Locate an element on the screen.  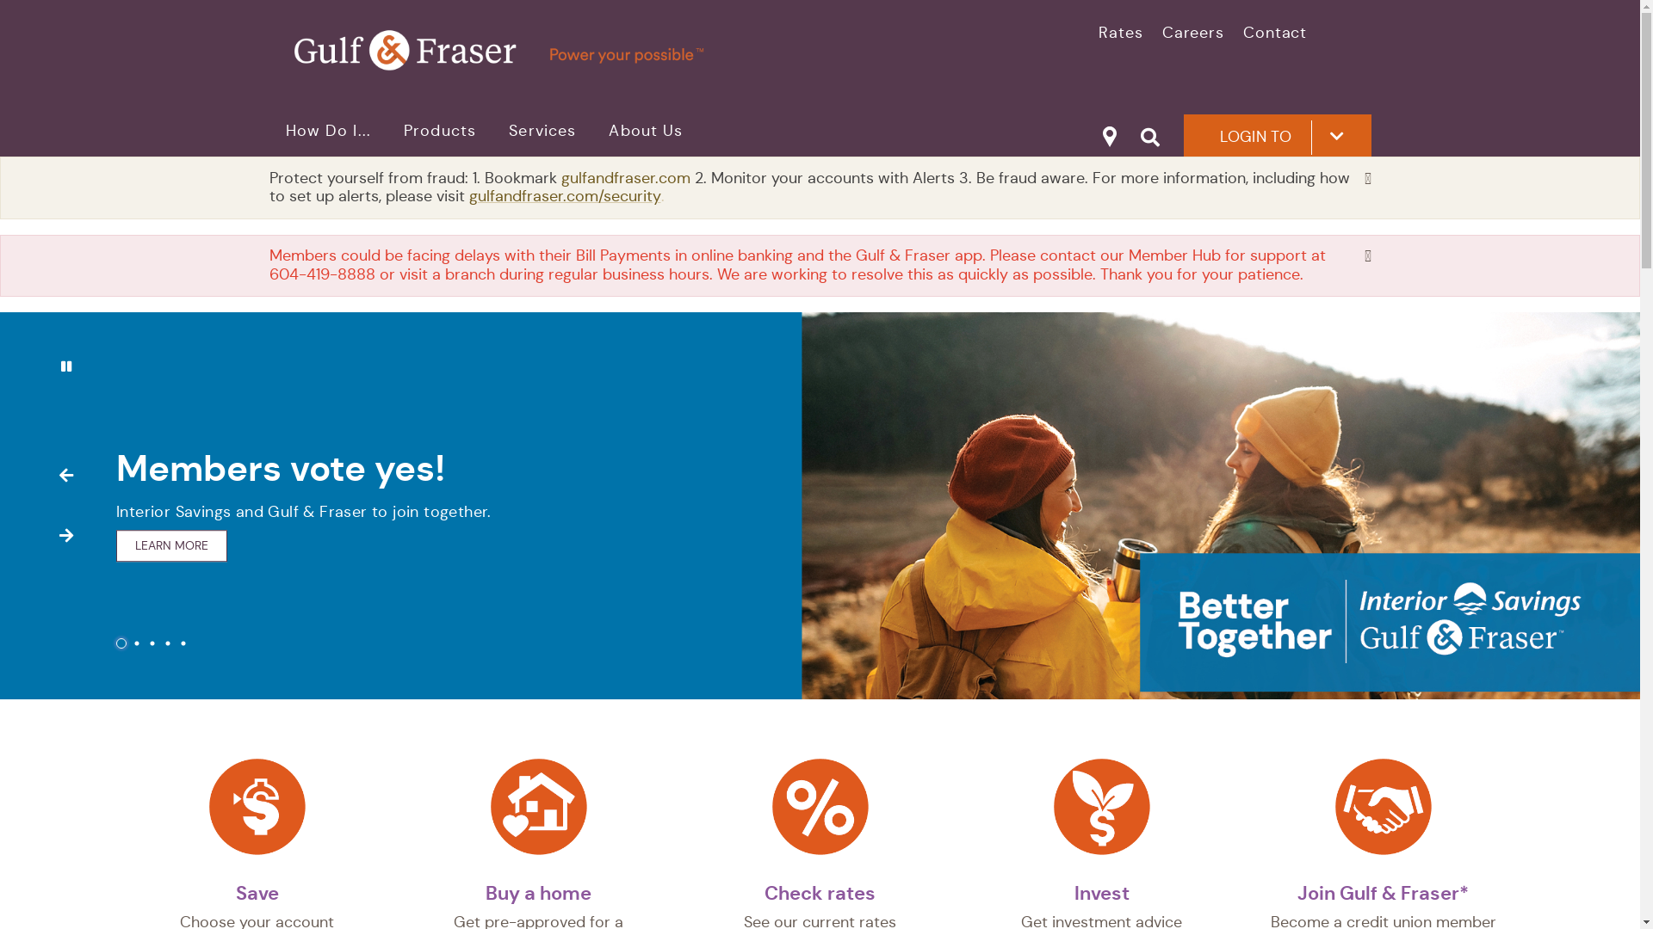
'Contact' is located at coordinates (1275, 33).